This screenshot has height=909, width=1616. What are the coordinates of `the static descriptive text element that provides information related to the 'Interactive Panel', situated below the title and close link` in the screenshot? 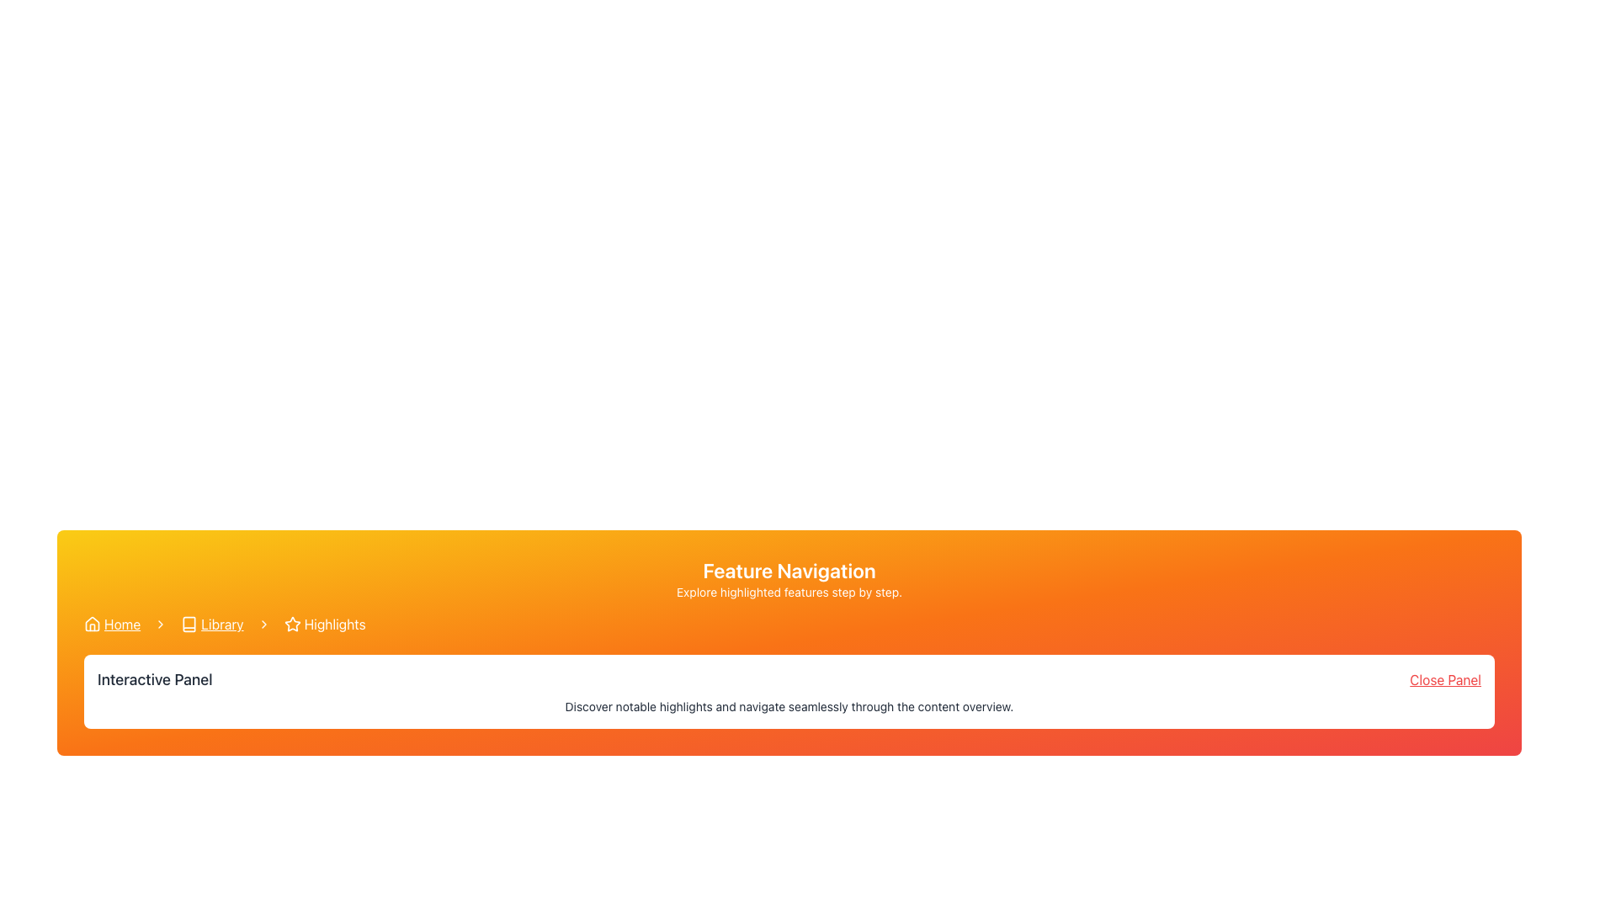 It's located at (788, 707).